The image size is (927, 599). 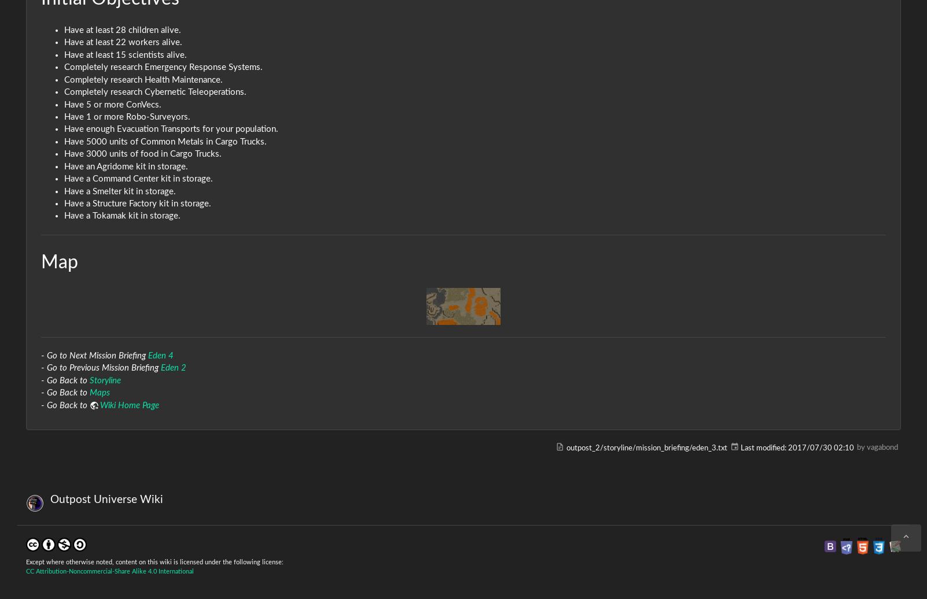 What do you see at coordinates (100, 393) in the screenshot?
I see `'Maps'` at bounding box center [100, 393].